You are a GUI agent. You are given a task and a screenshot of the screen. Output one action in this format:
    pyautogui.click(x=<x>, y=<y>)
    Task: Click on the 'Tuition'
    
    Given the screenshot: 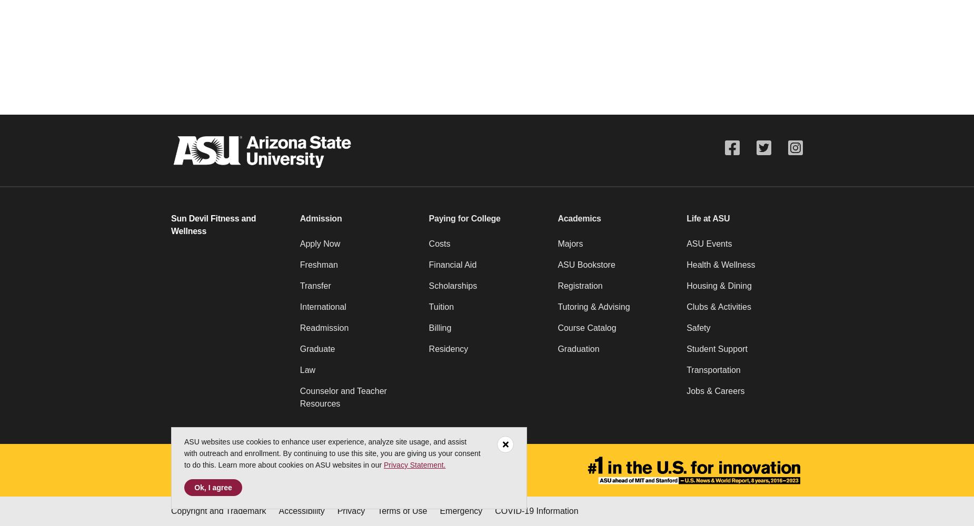 What is the action you would take?
    pyautogui.click(x=441, y=306)
    